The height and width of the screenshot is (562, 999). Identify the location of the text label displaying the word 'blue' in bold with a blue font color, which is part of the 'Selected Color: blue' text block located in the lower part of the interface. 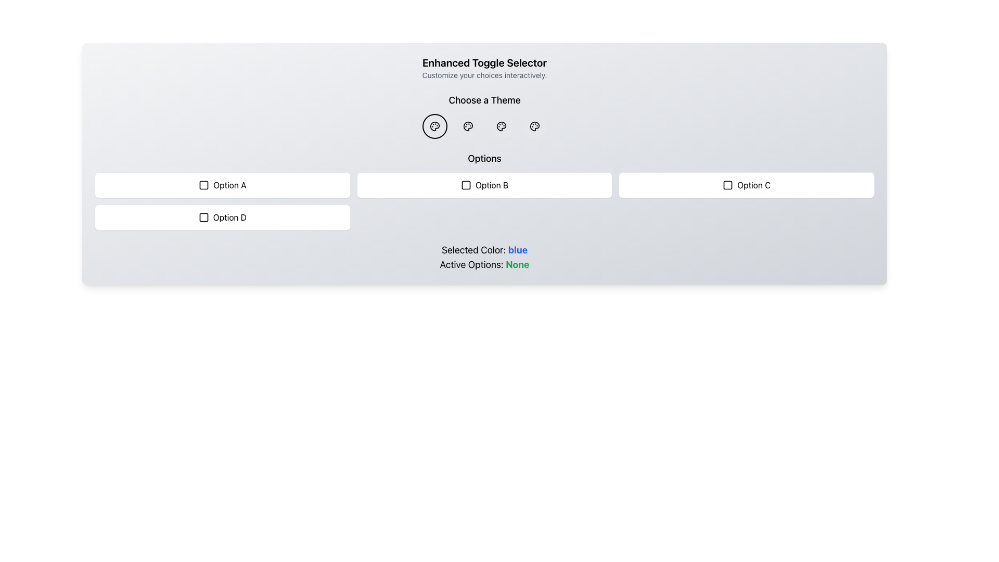
(518, 250).